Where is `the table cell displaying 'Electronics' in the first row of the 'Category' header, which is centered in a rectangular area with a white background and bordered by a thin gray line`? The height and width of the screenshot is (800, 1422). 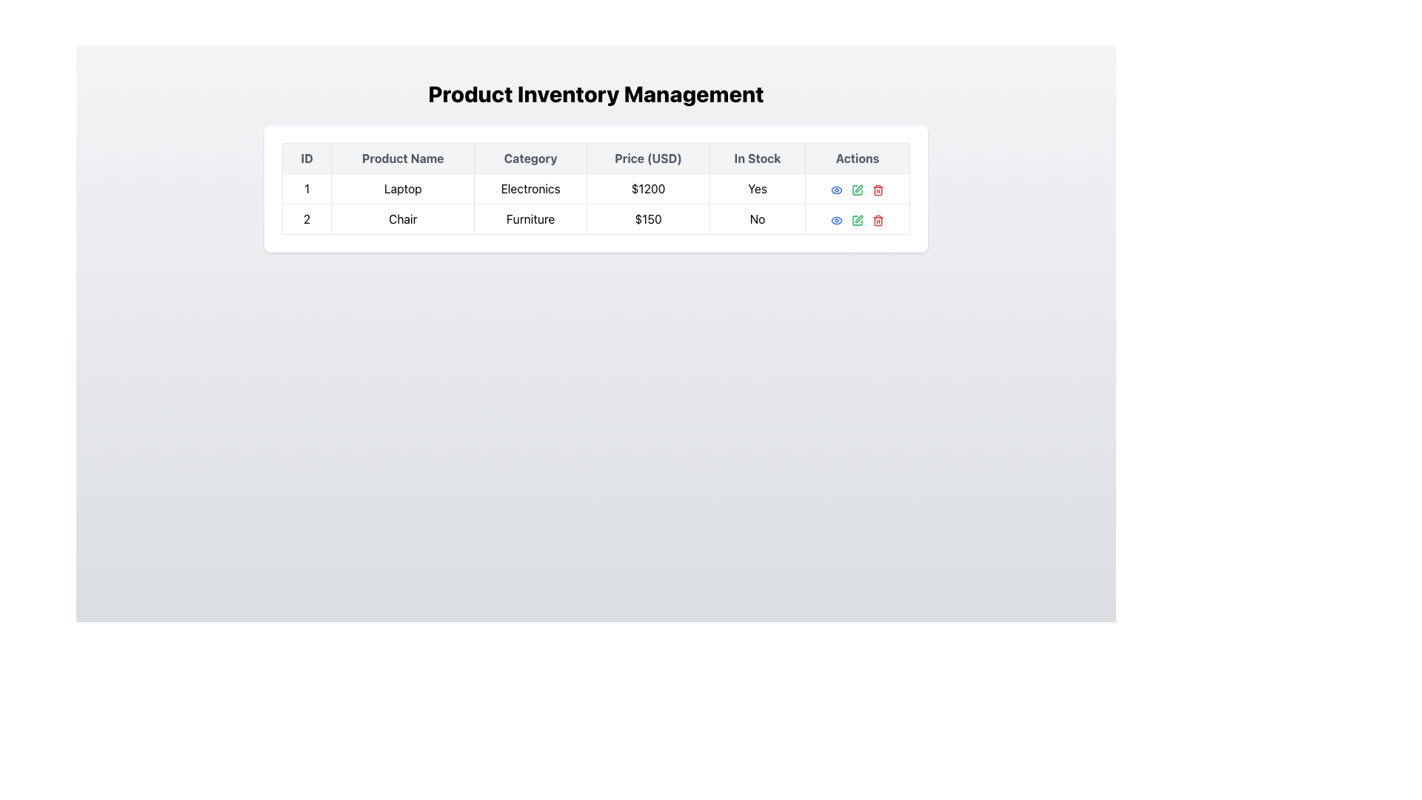
the table cell displaying 'Electronics' in the first row of the 'Category' header, which is centered in a rectangular area with a white background and bordered by a thin gray line is located at coordinates (530, 187).